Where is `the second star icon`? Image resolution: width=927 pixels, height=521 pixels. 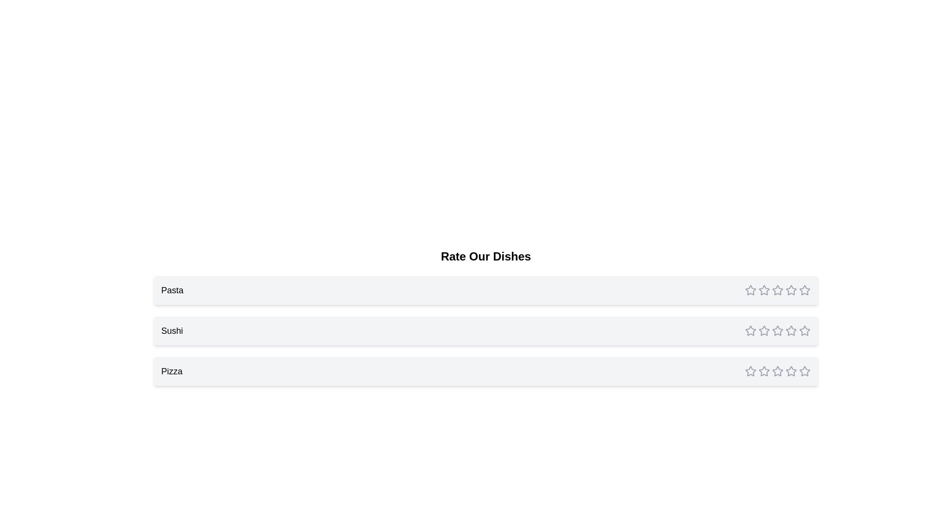
the second star icon is located at coordinates (764, 330).